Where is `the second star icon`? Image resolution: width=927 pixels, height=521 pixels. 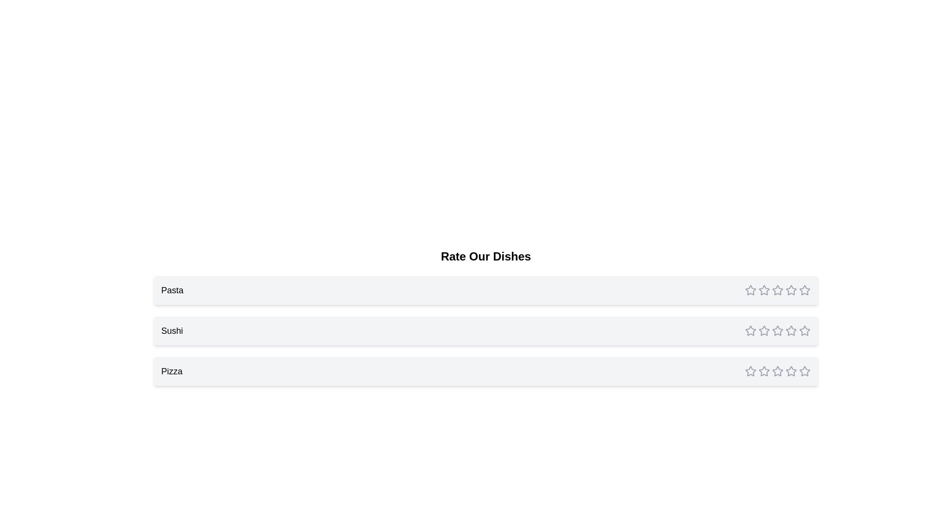
the second star icon is located at coordinates (764, 330).